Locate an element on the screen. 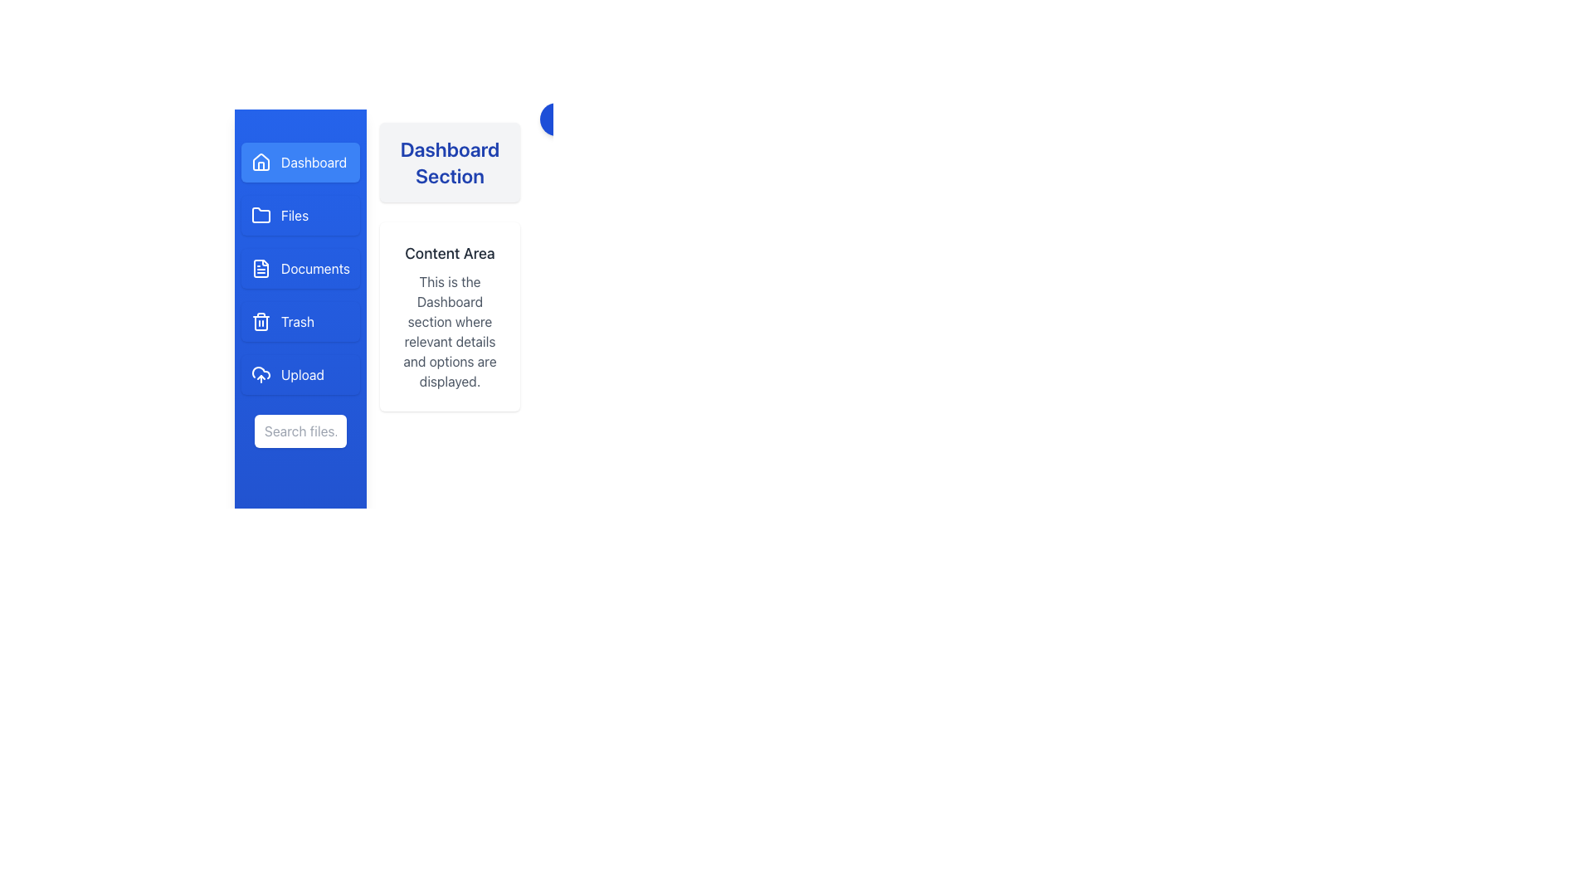 This screenshot has width=1593, height=896. the SVG icon representing a document, which is styled with a thin border and placed to the left of the label 'Documents' in the vertical menu bar is located at coordinates (261, 268).